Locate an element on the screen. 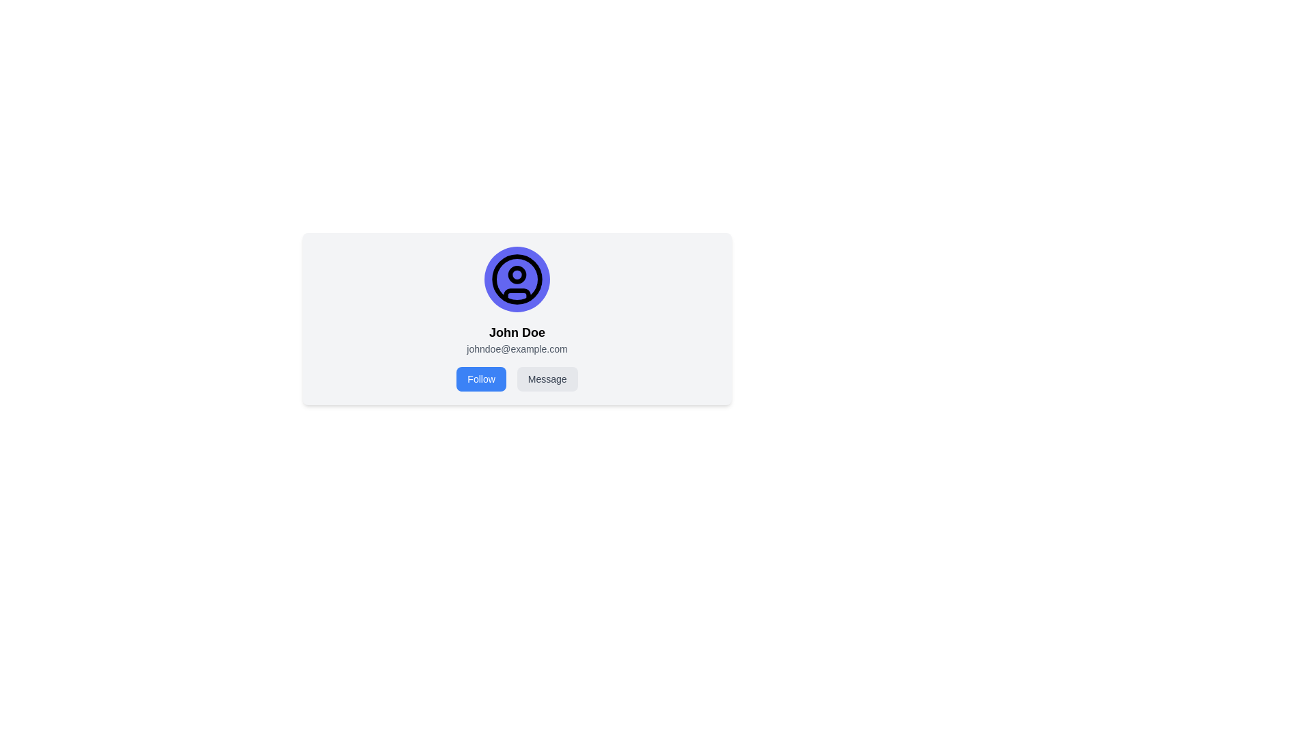 Image resolution: width=1312 pixels, height=738 pixels. the 'Message' button, which is a rectangular button with rounded corners, gray background, and black text, located to the right of the 'Follow' button is located at coordinates (547, 379).